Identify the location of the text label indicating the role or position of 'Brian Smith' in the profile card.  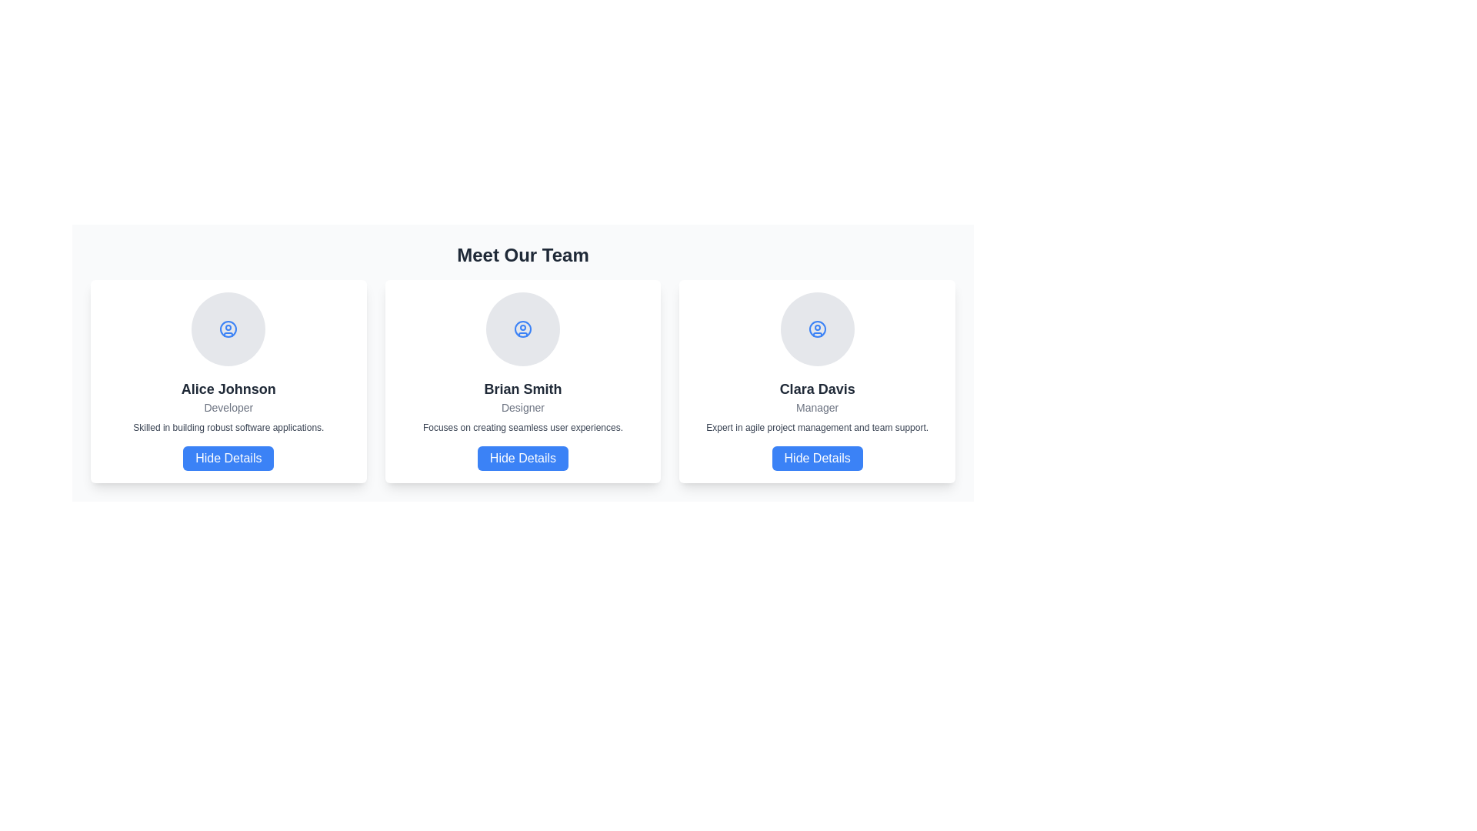
(523, 406).